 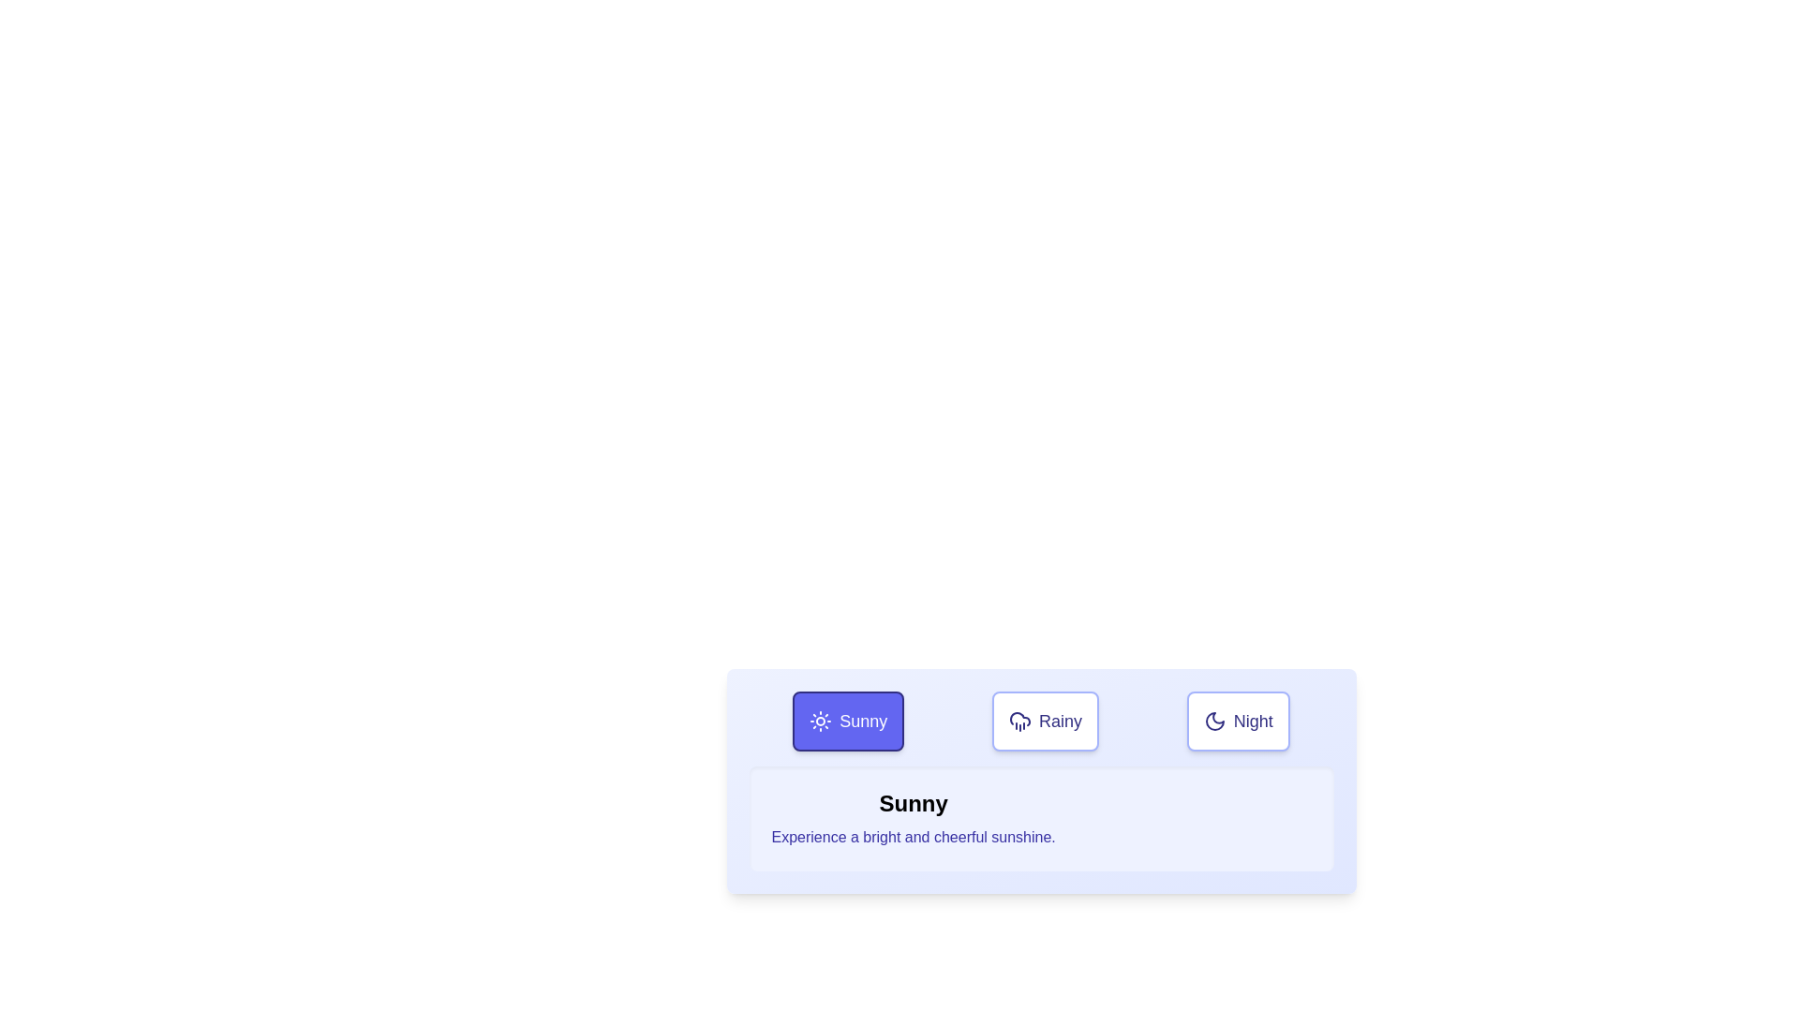 What do you see at coordinates (1214, 721) in the screenshot?
I see `the moon-shaped icon within the 'Night' button, which is part of a horizontal button group that includes 'Sunny' and 'Rainy' buttons, located at the top of the lower interface section` at bounding box center [1214, 721].